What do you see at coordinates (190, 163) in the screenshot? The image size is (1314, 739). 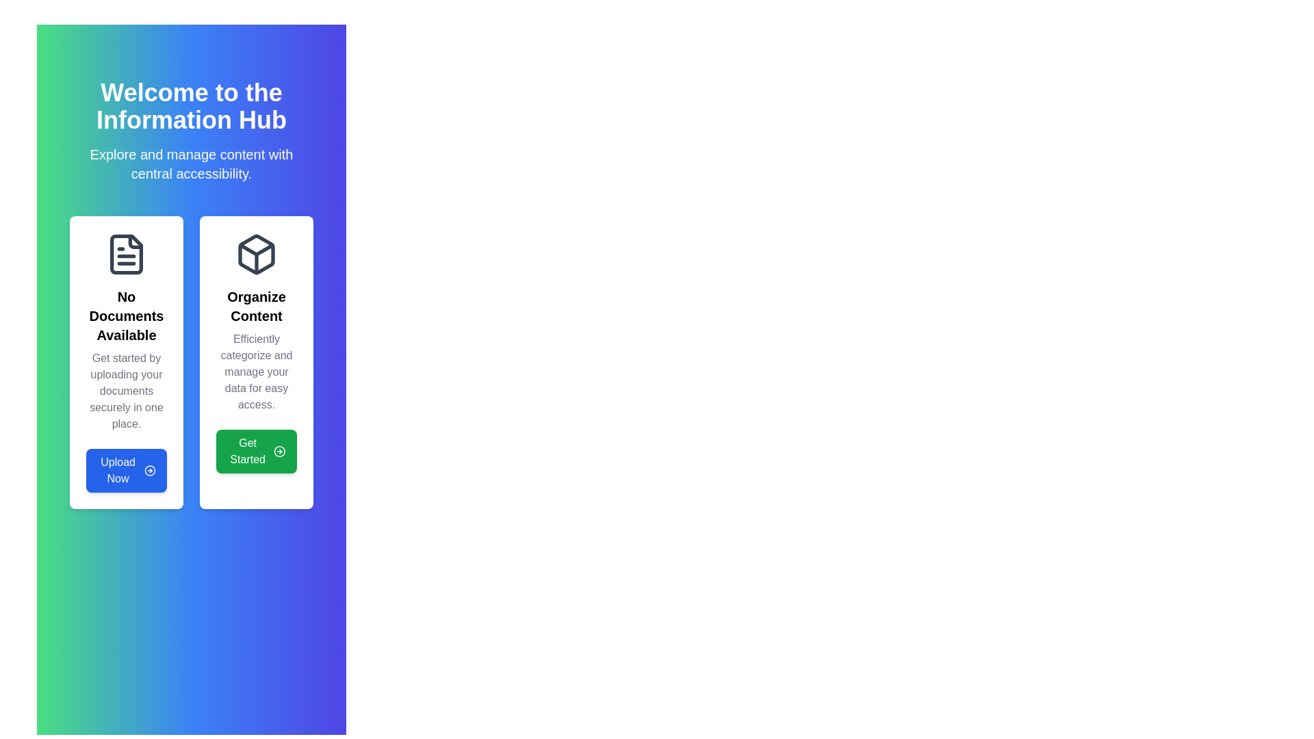 I see `the static text block that displays 'Explore and manage content with central accessibility.' which is styled with a larger font size and white color, located below the main heading 'Welcome to the Information Hub'` at bounding box center [190, 163].